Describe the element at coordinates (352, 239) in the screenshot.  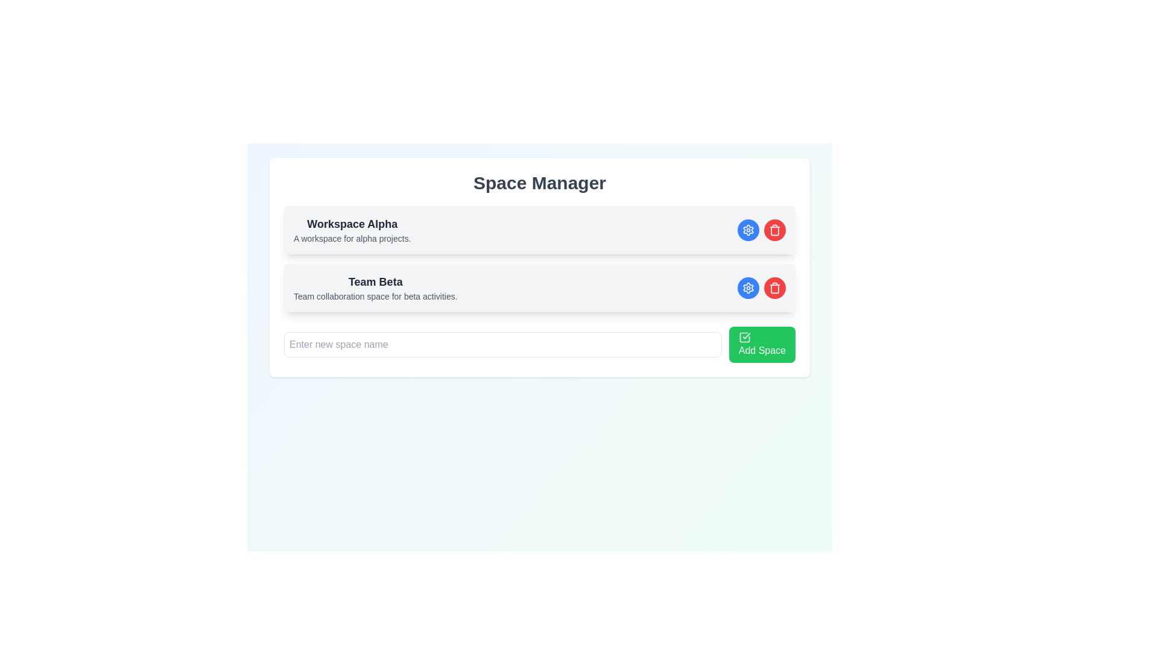
I see `the text label that provides a brief description of 'Workspace Alpha', which is located directly below the title 'Workspace Alpha' in the vertical list under 'Space Manager'` at that location.